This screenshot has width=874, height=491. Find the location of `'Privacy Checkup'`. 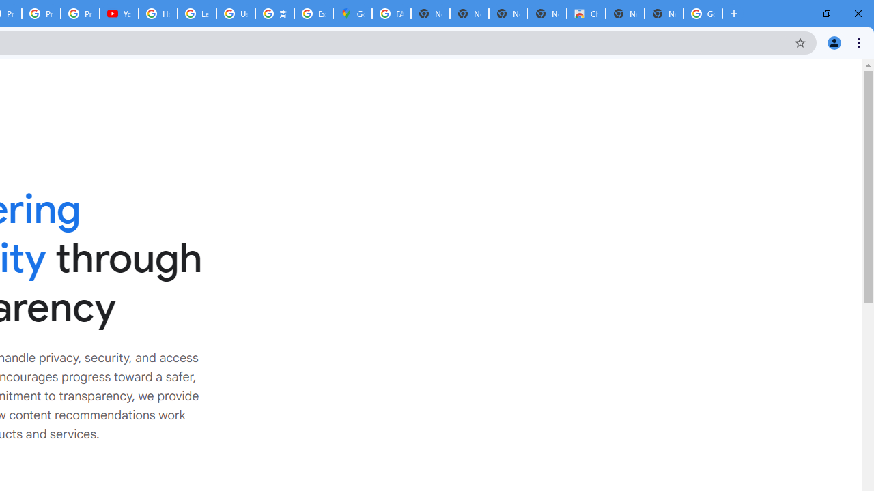

'Privacy Checkup' is located at coordinates (79, 14).